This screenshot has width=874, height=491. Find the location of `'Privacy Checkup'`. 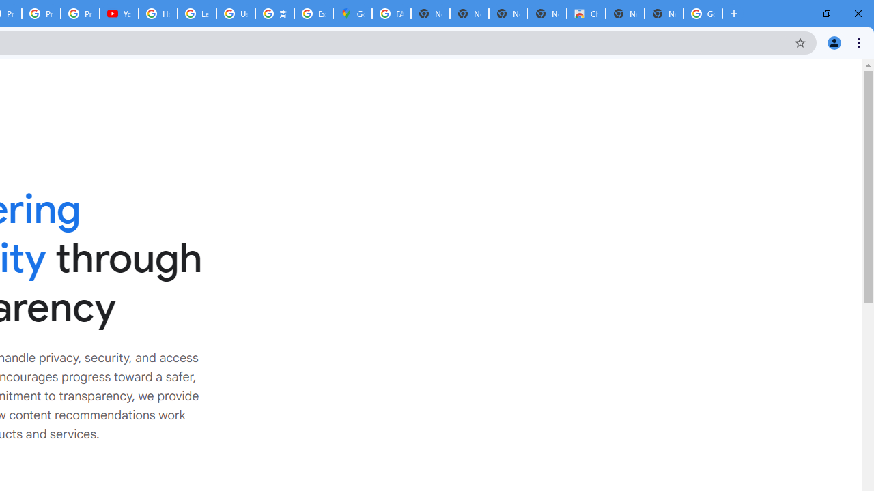

'Privacy Checkup' is located at coordinates (79, 14).